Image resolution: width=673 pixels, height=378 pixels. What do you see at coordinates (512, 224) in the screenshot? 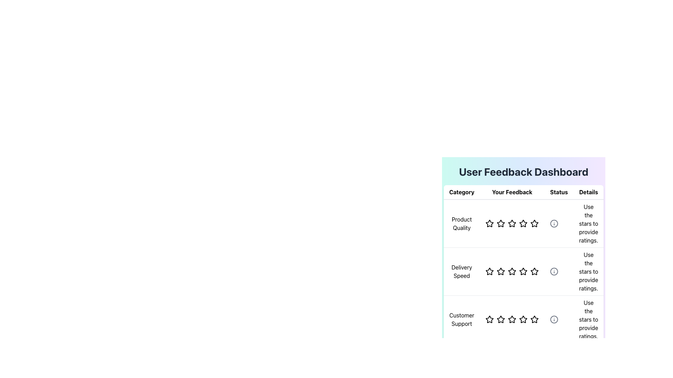
I see `the fourth star-shaped rating icon in the 'Product Quality' row under 'Your Feedback' in the 'User Feedback Dashboard' to set the rating` at bounding box center [512, 224].